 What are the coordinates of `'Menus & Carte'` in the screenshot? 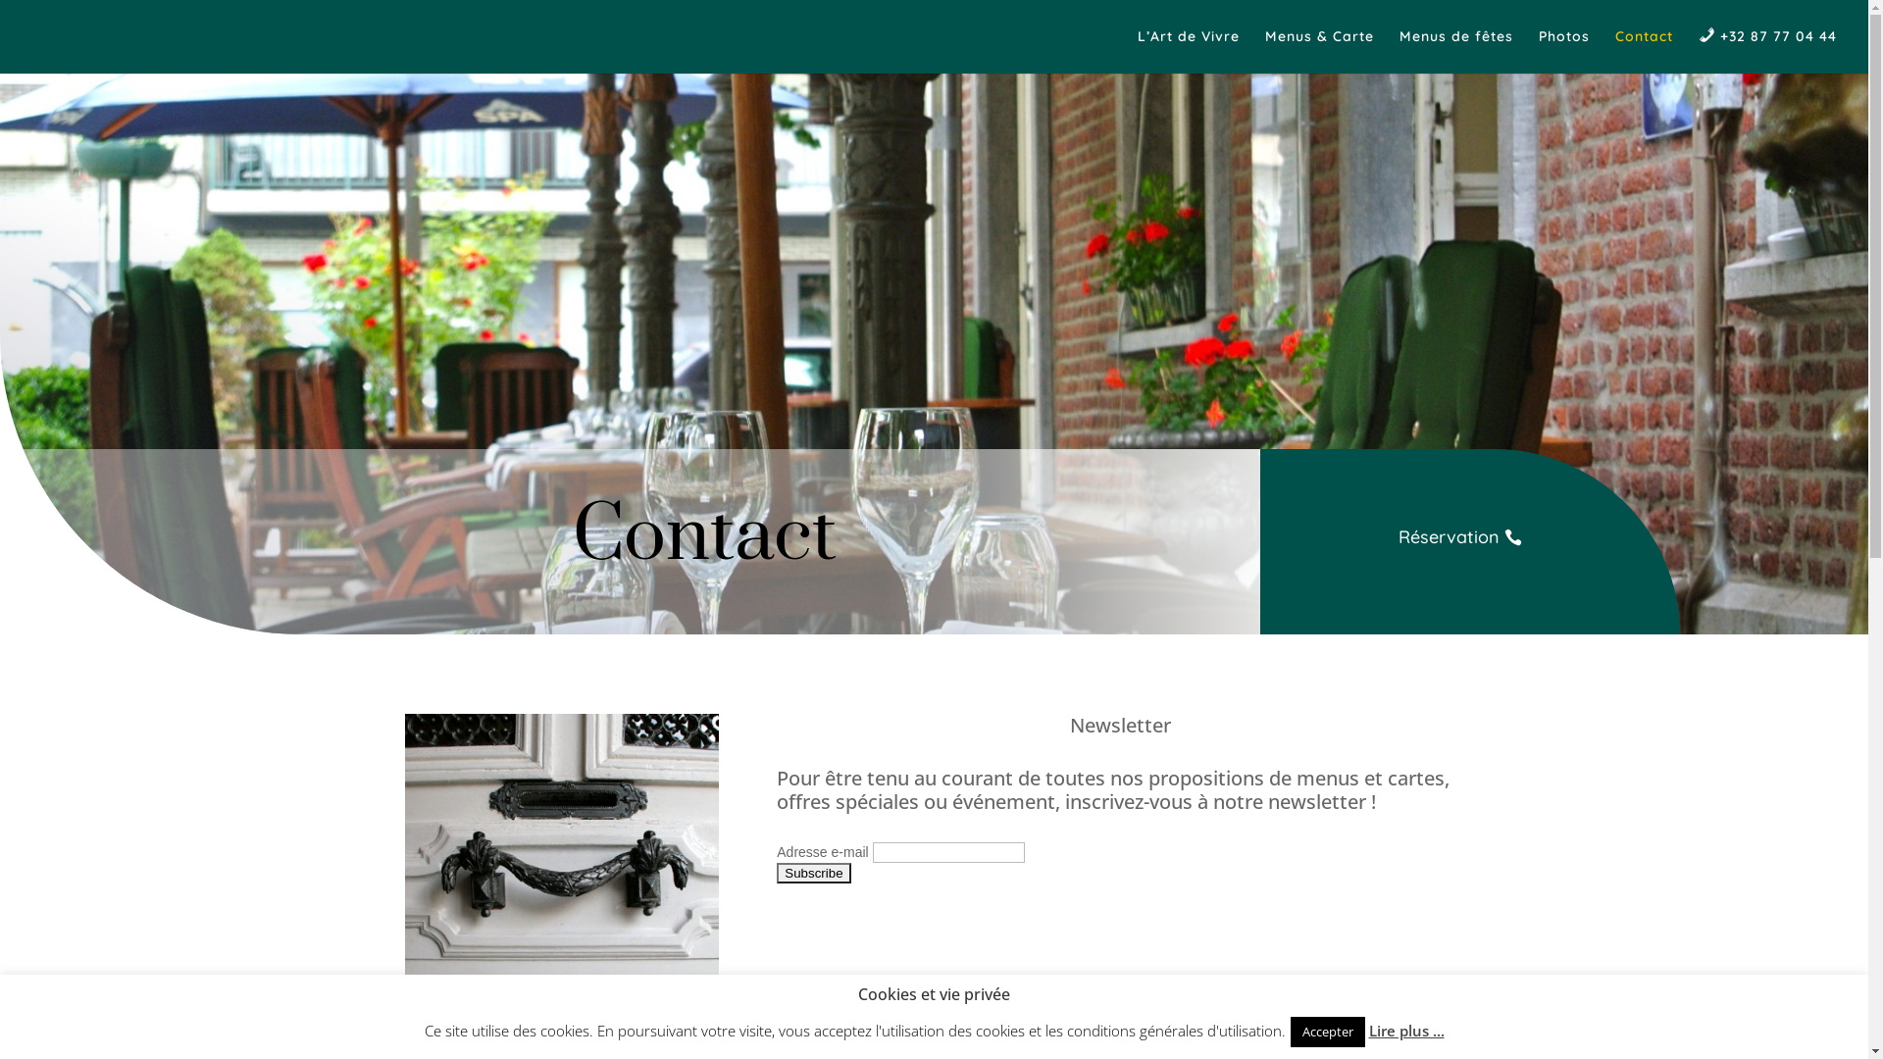 It's located at (1265, 49).